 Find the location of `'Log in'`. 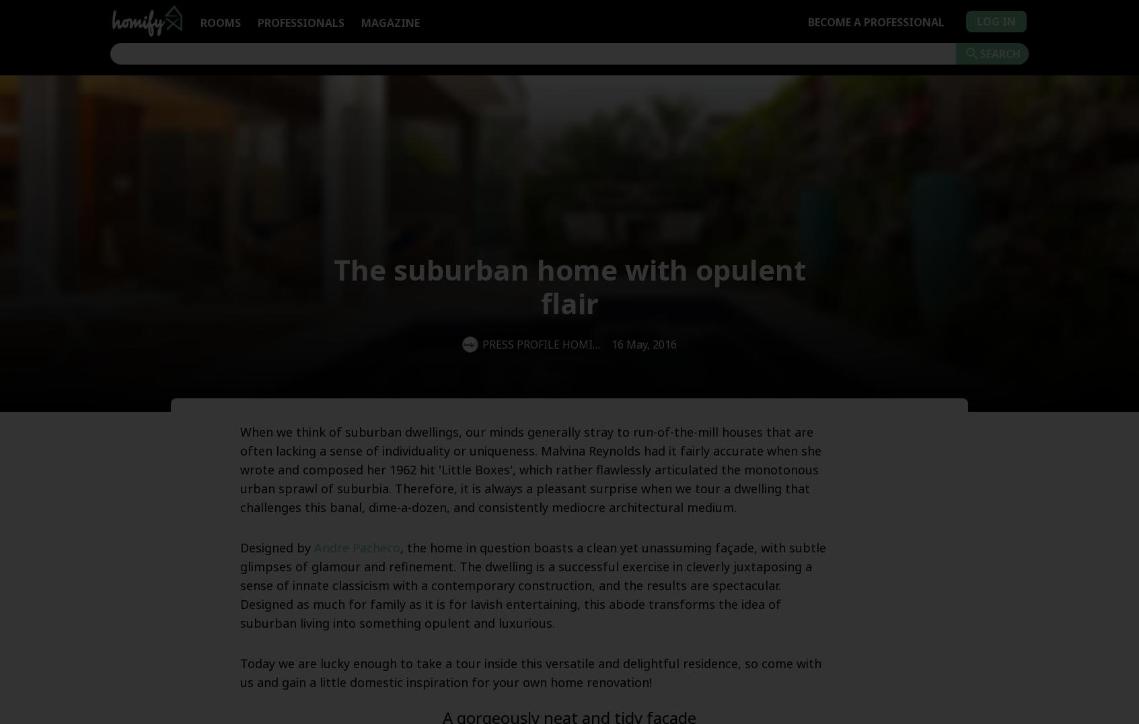

'Log in' is located at coordinates (996, 20).